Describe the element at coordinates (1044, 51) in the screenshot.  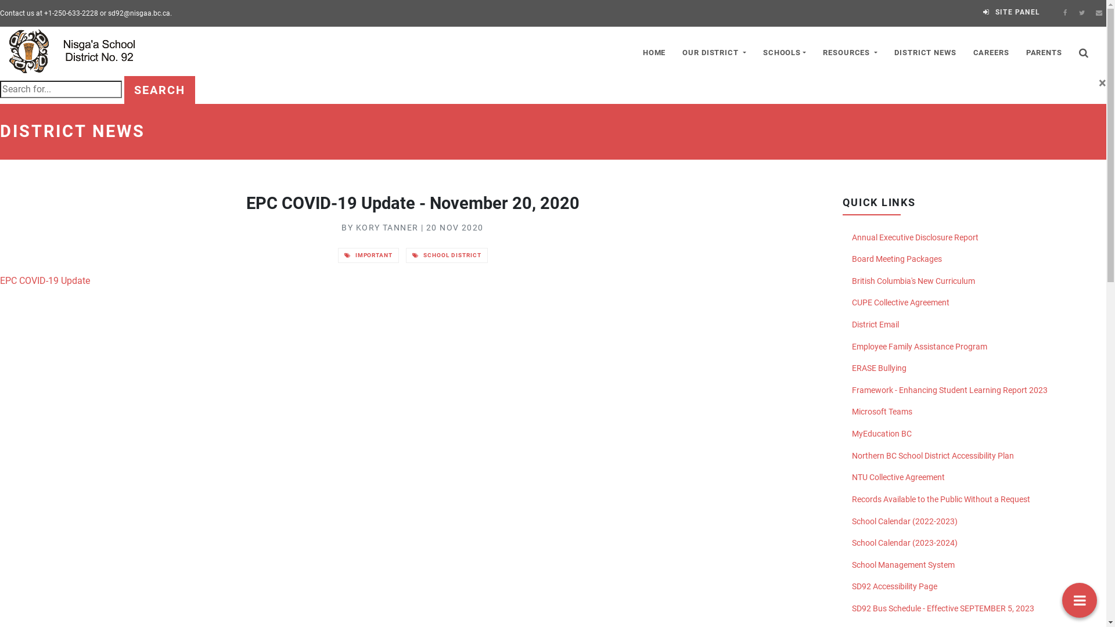
I see `'PARENTS'` at that location.